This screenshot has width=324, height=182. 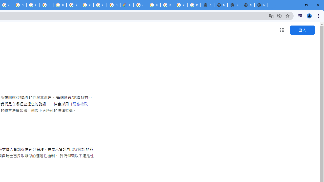 What do you see at coordinates (100, 5) in the screenshot?
I see `'Google Cloud Platform'` at bounding box center [100, 5].